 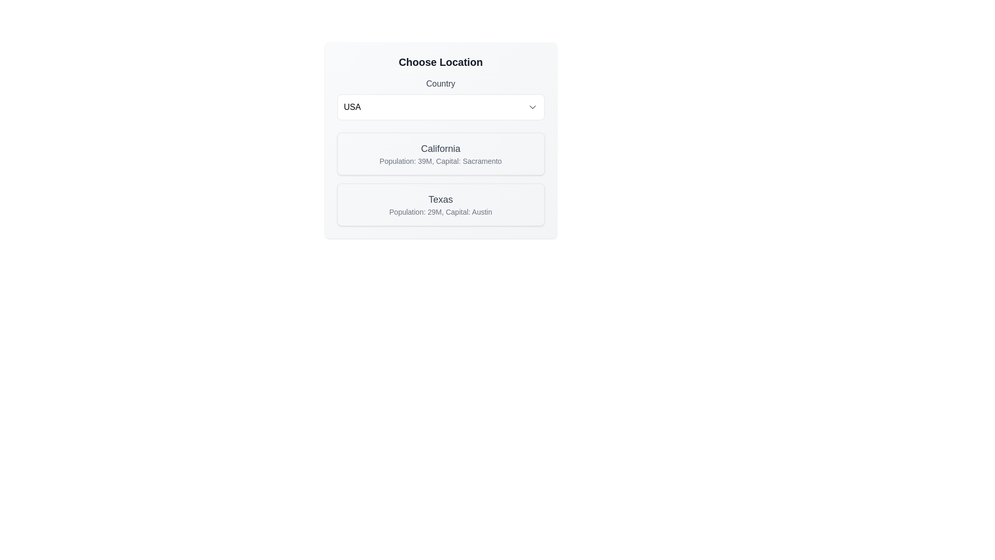 What do you see at coordinates (440, 161) in the screenshot?
I see `text label displaying information about California's population and capital city, which states 'Population: 39M, Capital: Sacramento.' This text is located beneath the larger title 'California.'` at bounding box center [440, 161].